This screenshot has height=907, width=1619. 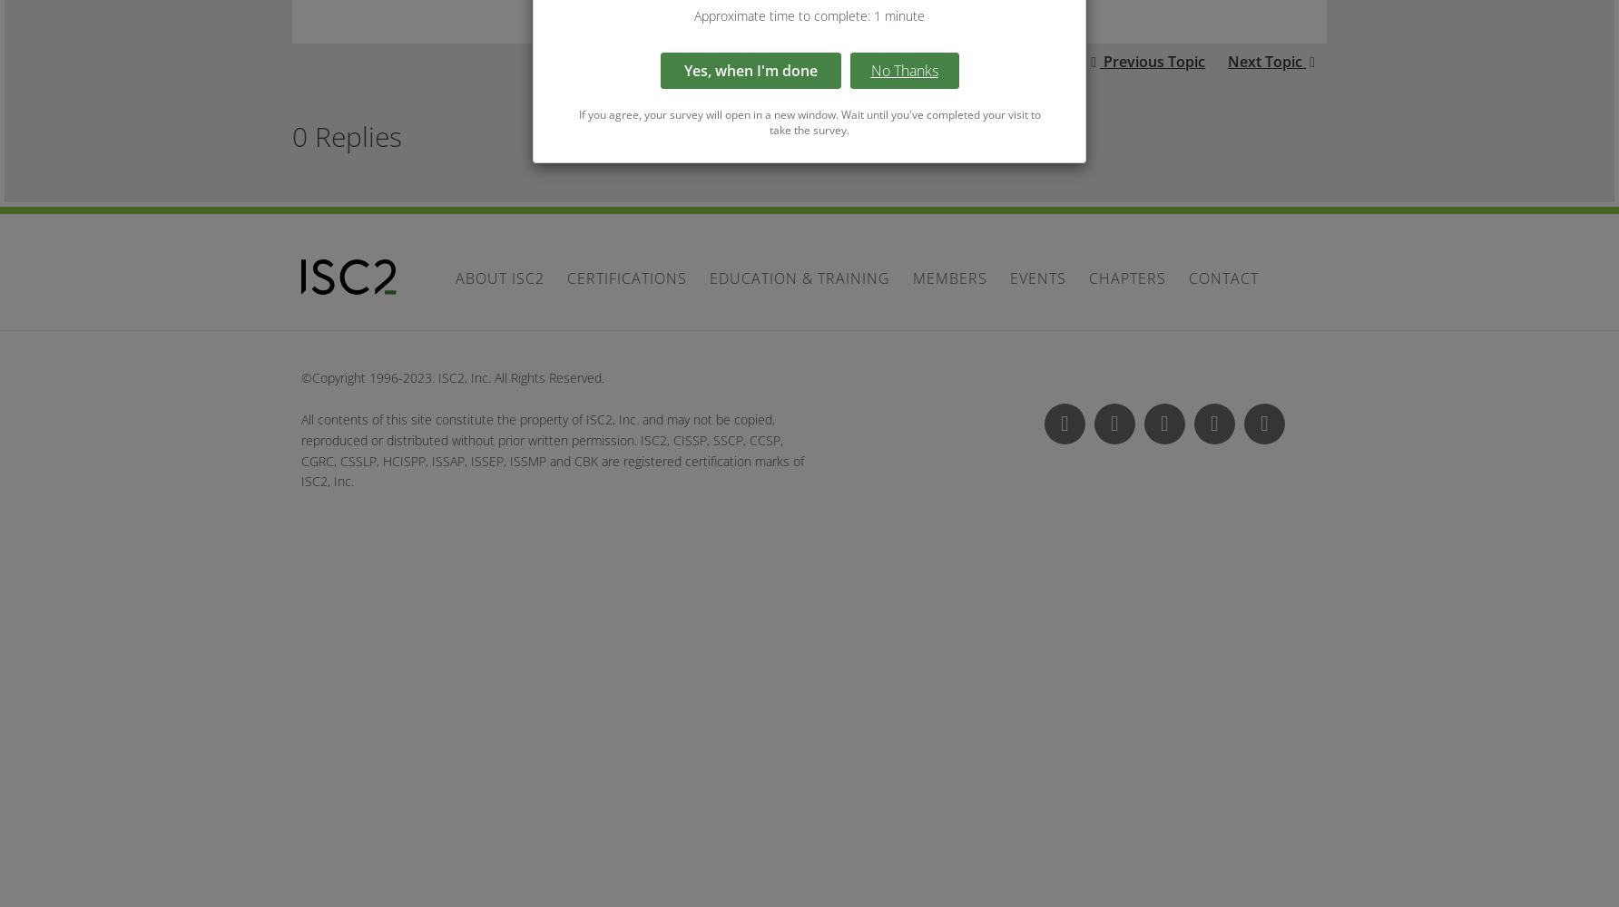 I want to click on 'No Thanks', so click(x=870, y=69).